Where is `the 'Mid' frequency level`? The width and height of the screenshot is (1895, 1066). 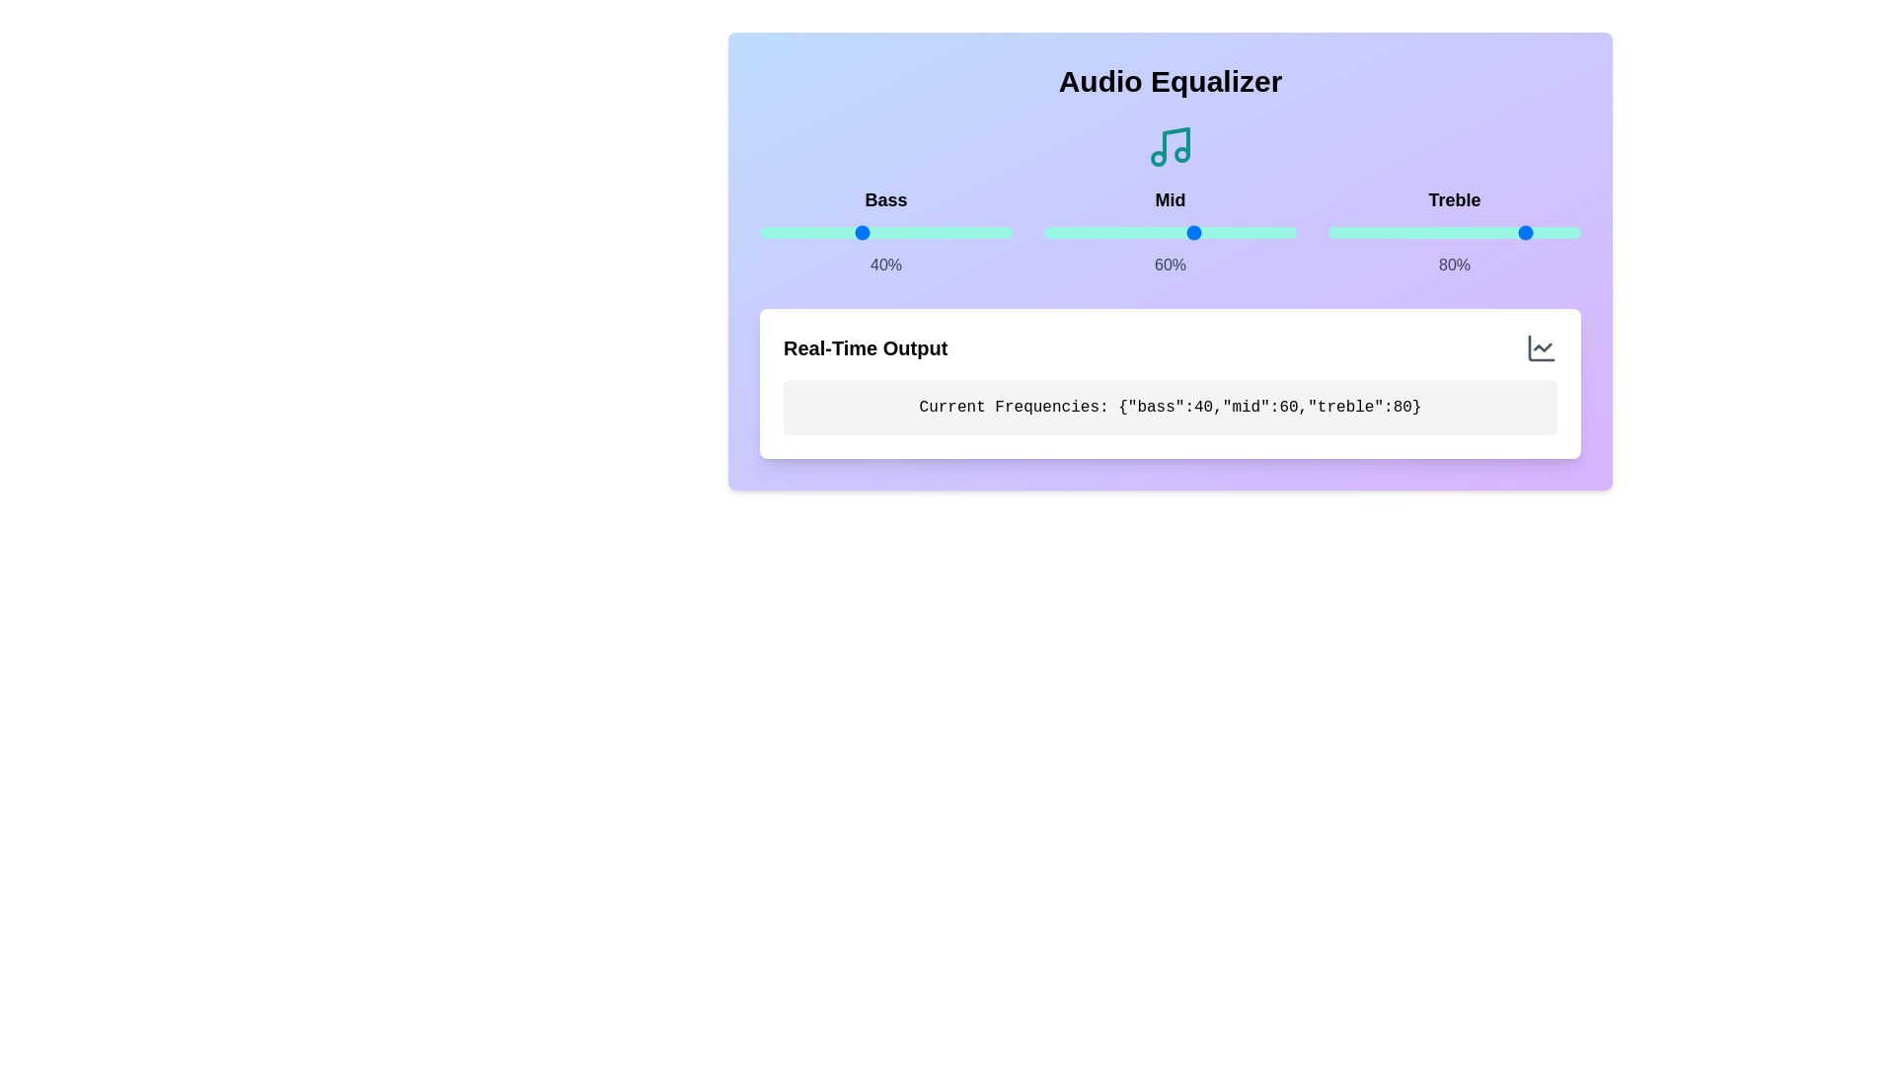 the 'Mid' frequency level is located at coordinates (1153, 231).